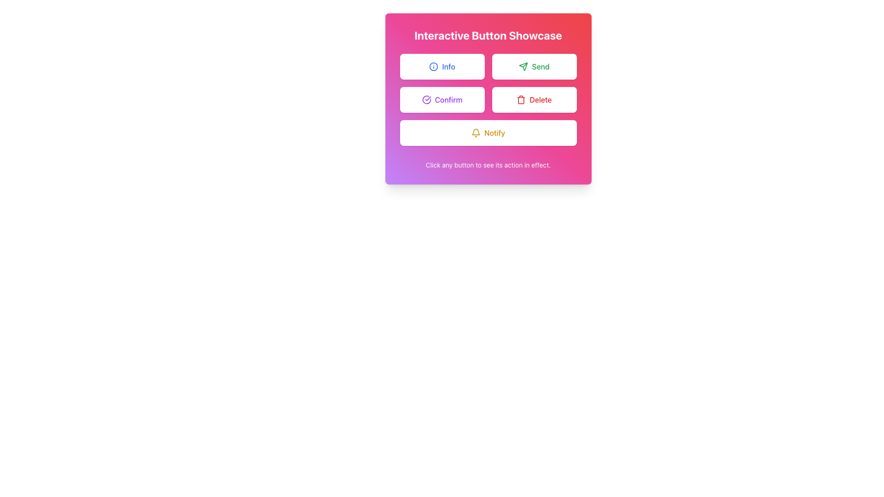  What do you see at coordinates (523, 66) in the screenshot?
I see `the green paper plane icon located to the left of the 'Send' text label in the top-right corner of the button showcase panel to initiate the associated action` at bounding box center [523, 66].